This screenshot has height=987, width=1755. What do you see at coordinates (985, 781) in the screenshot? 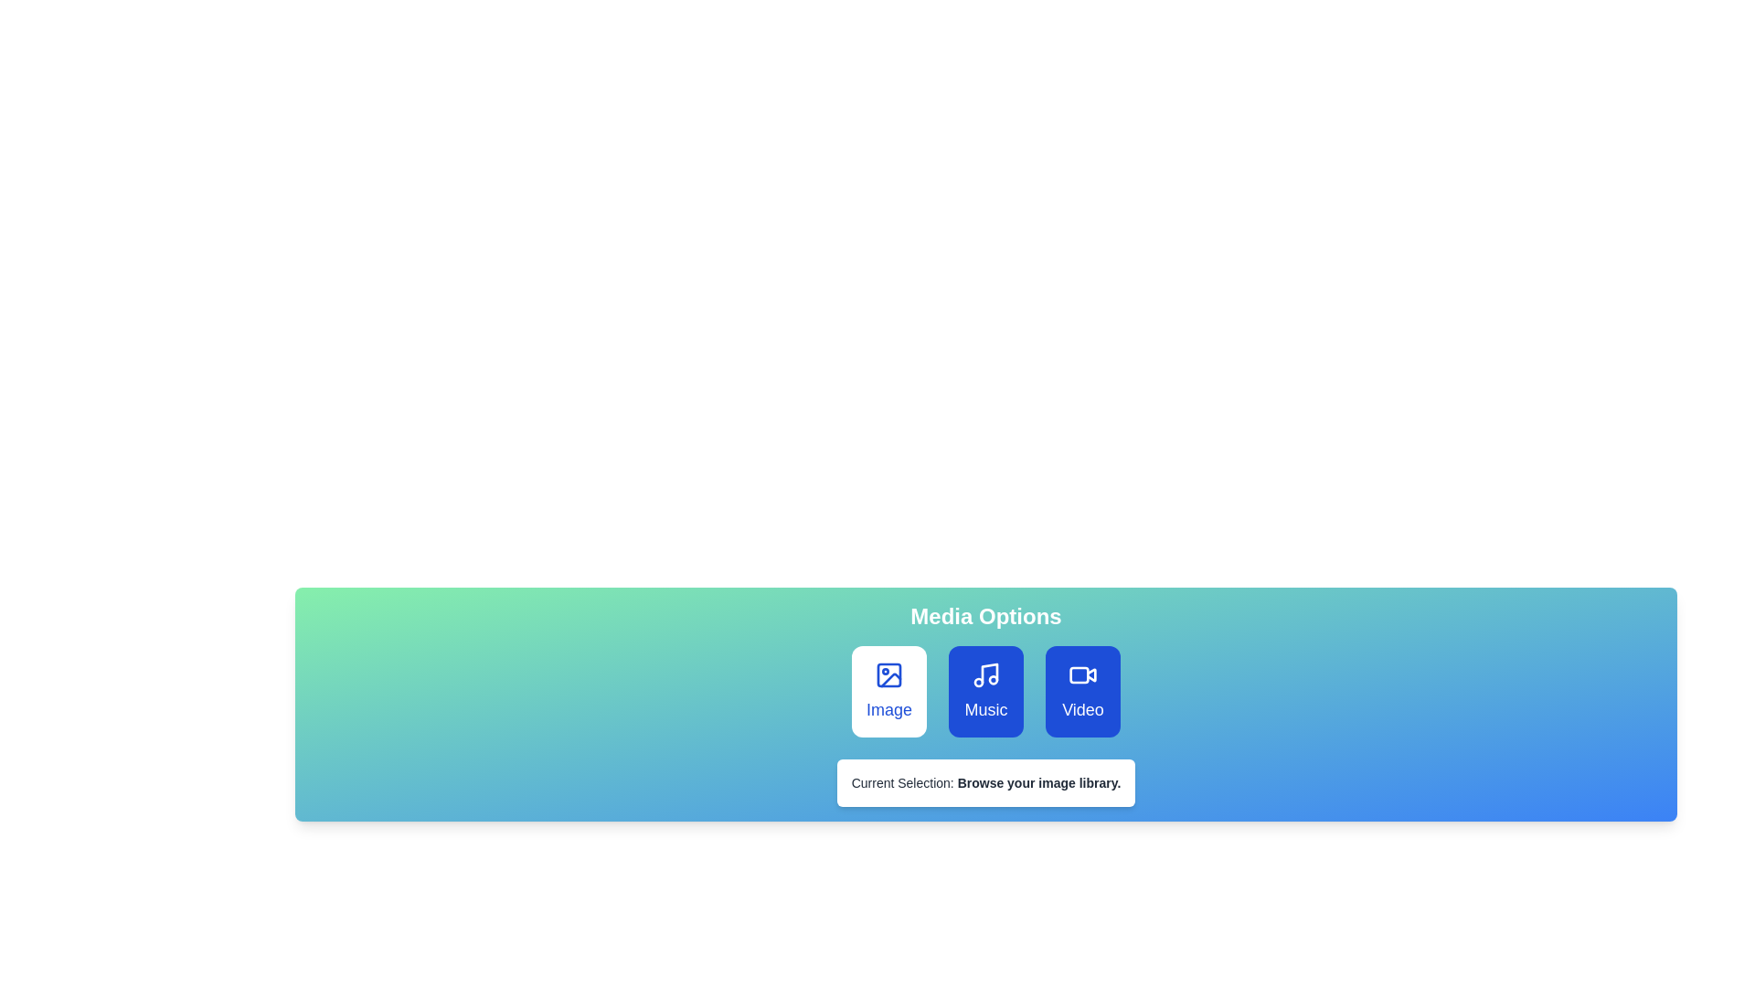
I see `text within the white box with rounded corners that contains the message 'Current Selection: Browse your image library.'` at bounding box center [985, 781].